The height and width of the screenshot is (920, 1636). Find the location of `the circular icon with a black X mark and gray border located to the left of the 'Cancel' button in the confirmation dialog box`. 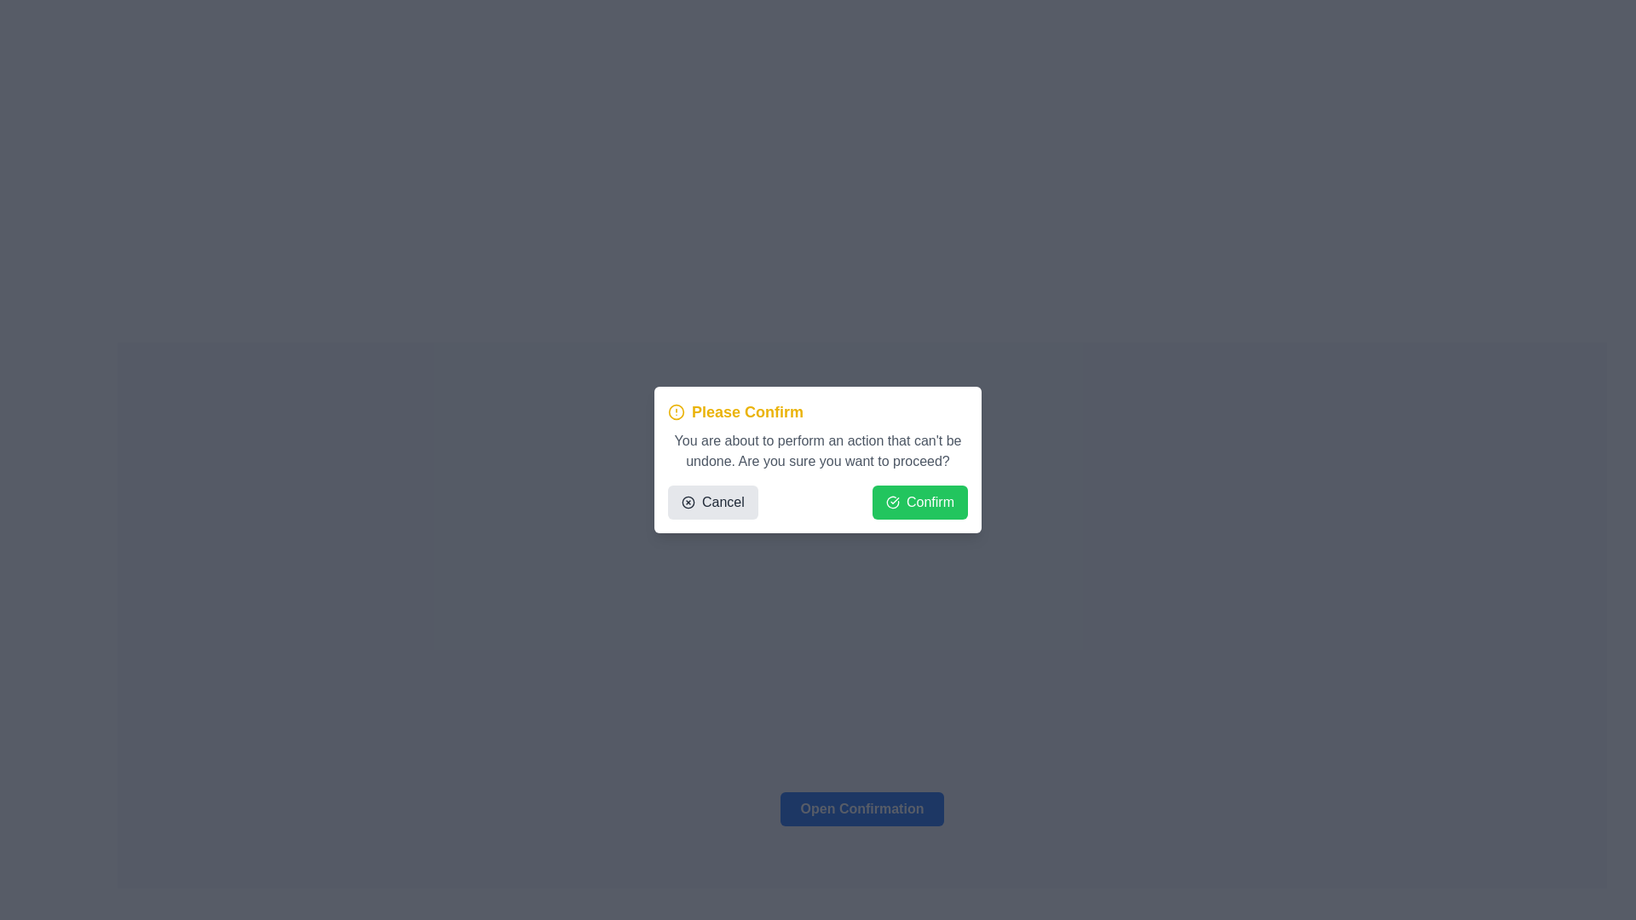

the circular icon with a black X mark and gray border located to the left of the 'Cancel' button in the confirmation dialog box is located at coordinates (688, 502).